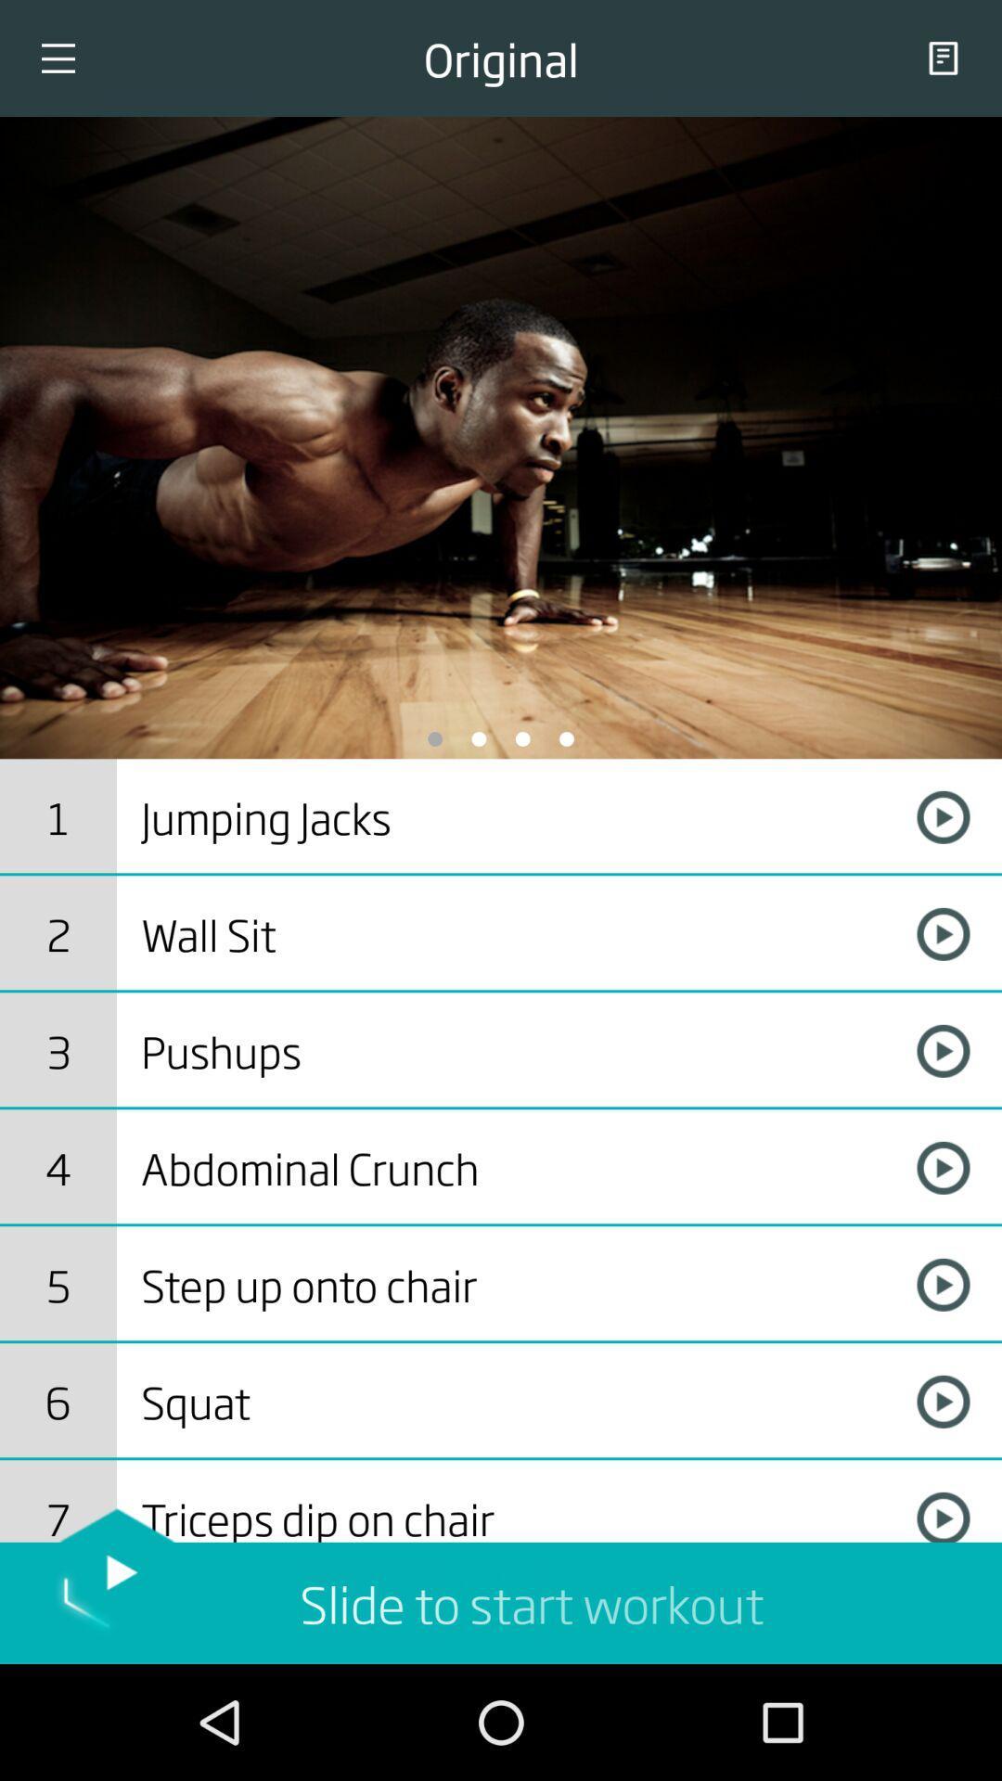 This screenshot has width=1002, height=1781. I want to click on the play icon, so click(944, 1502).